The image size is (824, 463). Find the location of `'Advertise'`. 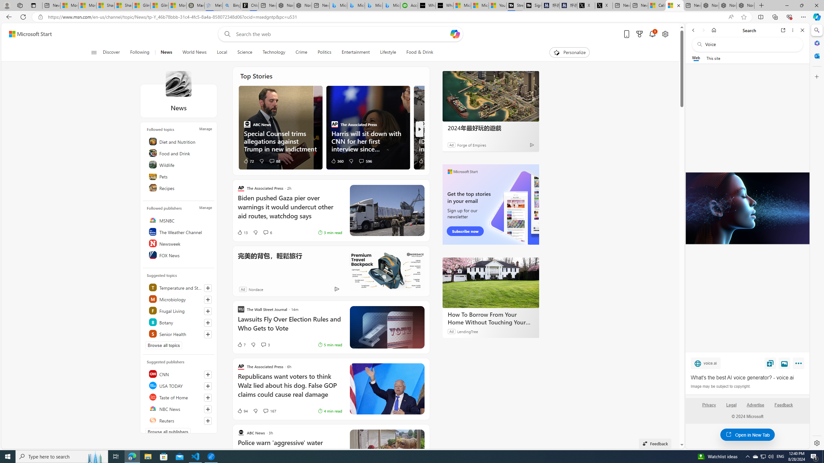

'Advertise' is located at coordinates (755, 405).